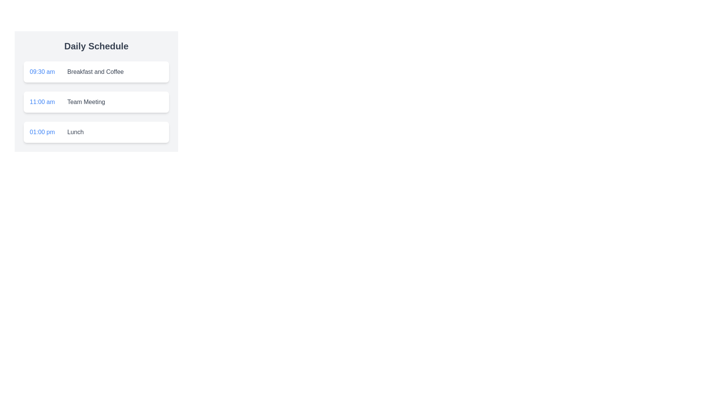 Image resolution: width=723 pixels, height=407 pixels. I want to click on the Text label located in the third entry of the daily schedule next to the time '01:00 pm', positioned to the right of a vertical divider, so click(72, 132).